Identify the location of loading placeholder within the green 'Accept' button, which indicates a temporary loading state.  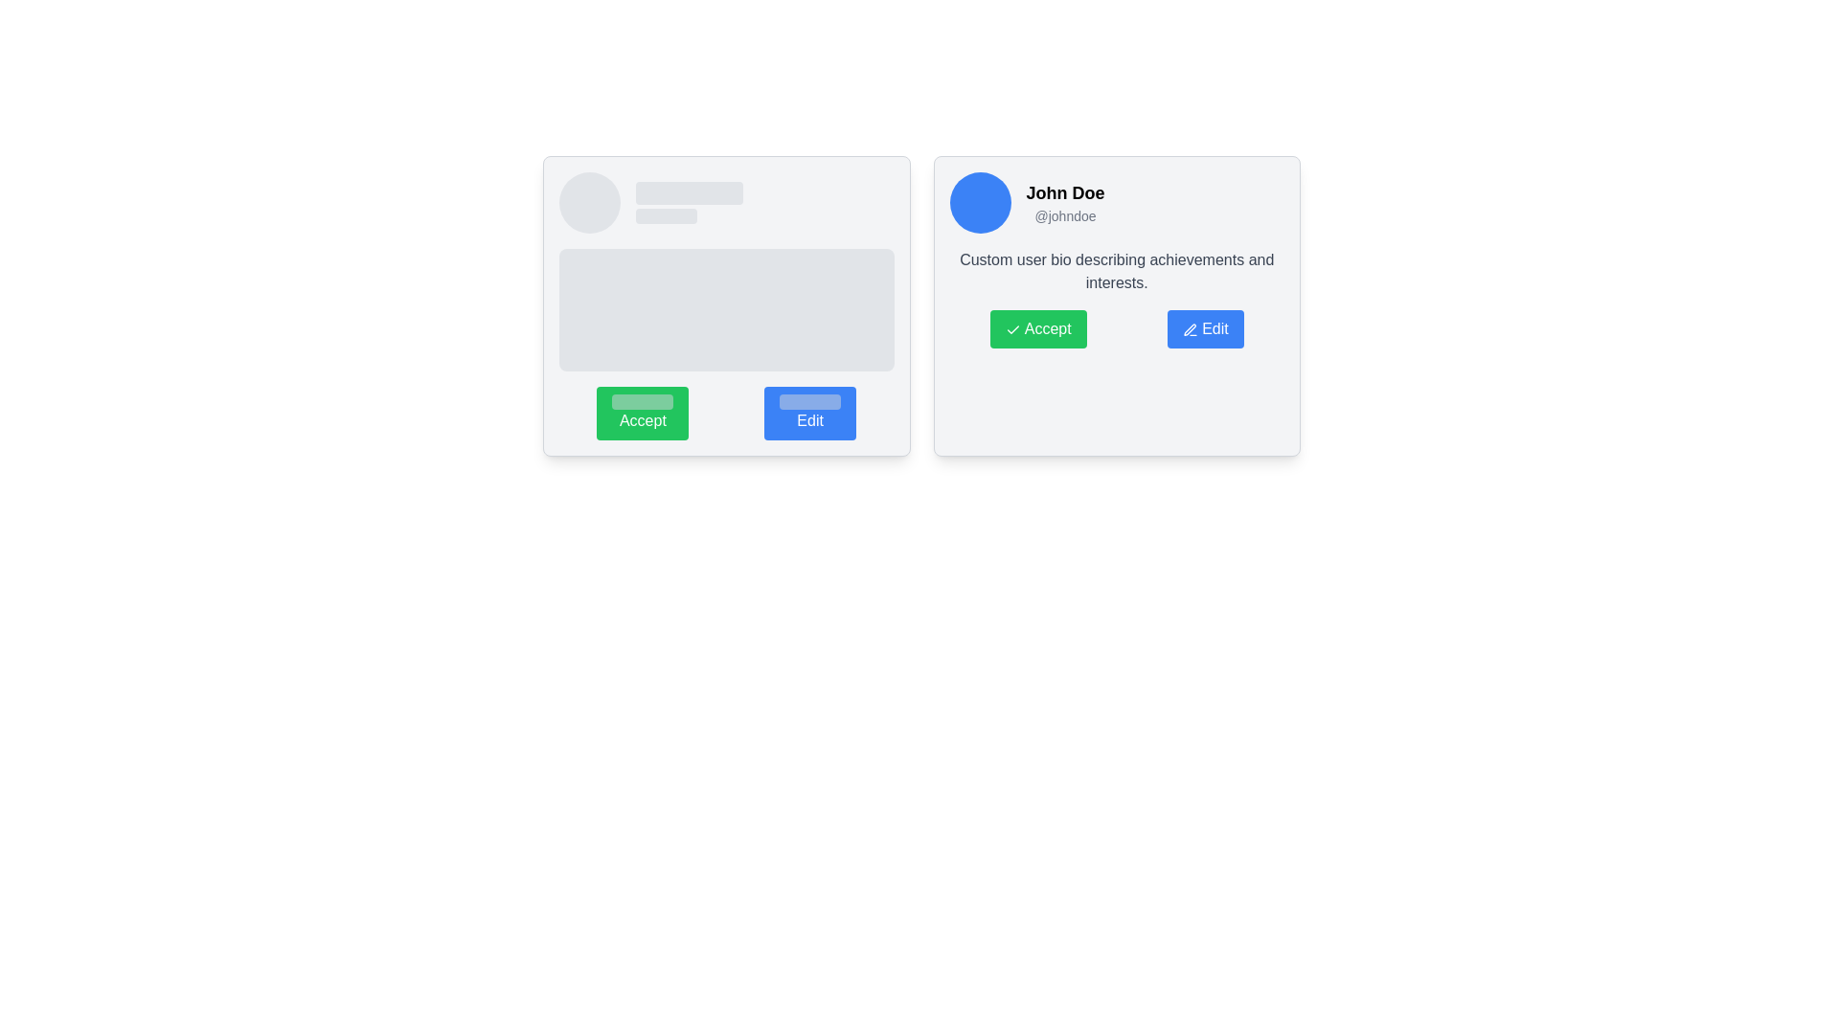
(643, 401).